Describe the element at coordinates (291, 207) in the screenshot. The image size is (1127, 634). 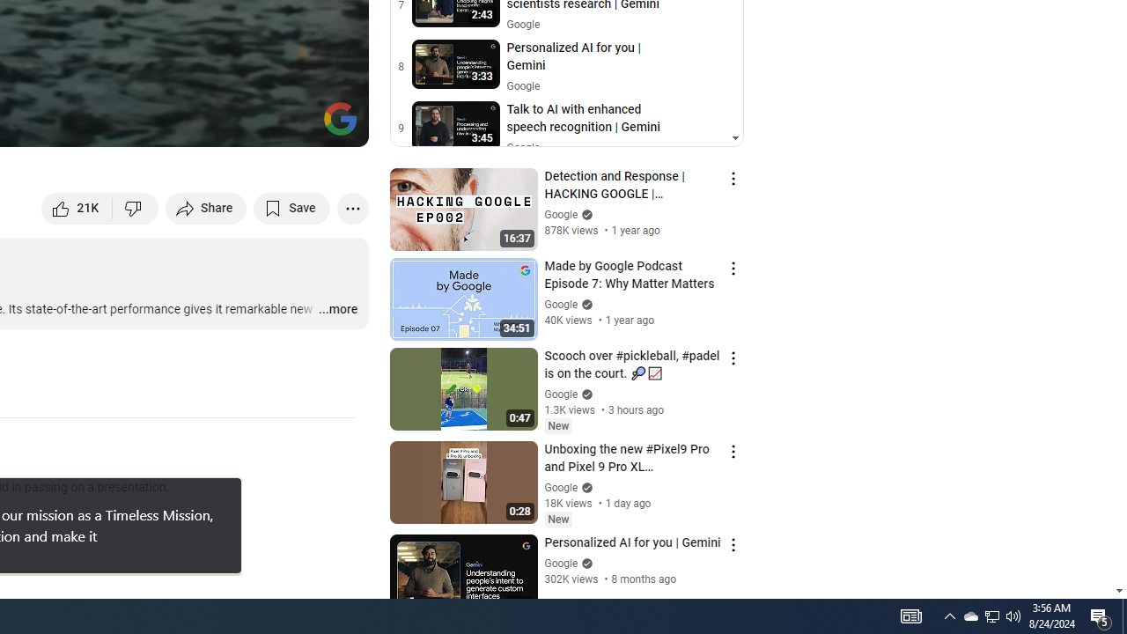
I see `'Save to playlist'` at that location.